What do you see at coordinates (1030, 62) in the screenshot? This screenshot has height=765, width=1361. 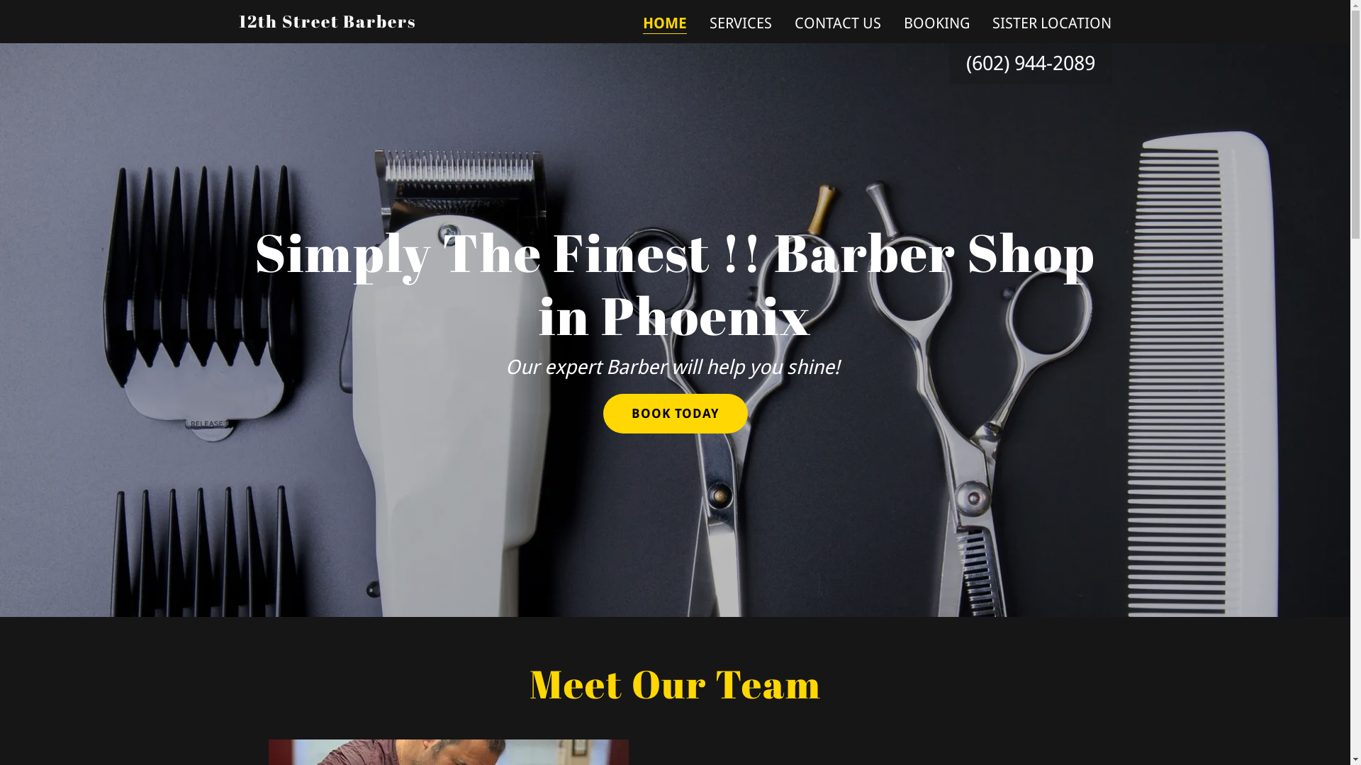 I see `'(602) 944-2089'` at bounding box center [1030, 62].